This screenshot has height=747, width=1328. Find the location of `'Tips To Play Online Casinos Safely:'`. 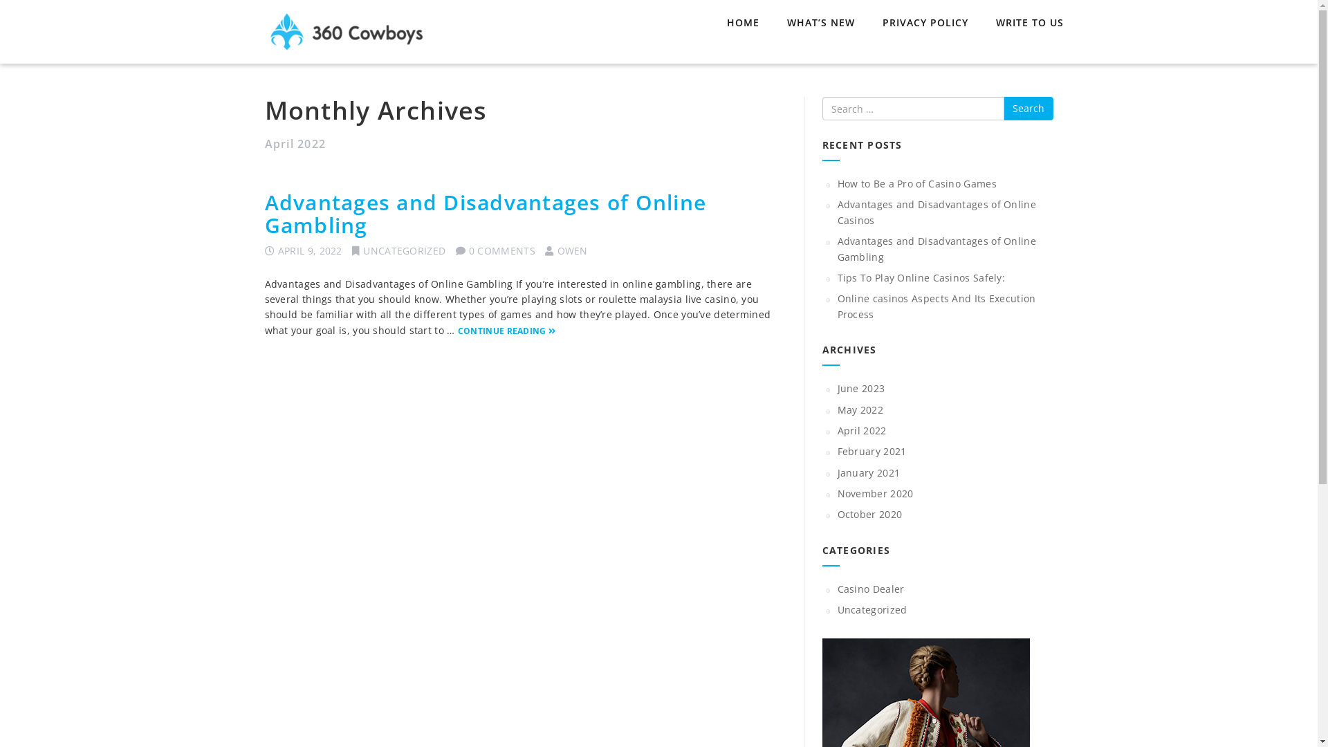

'Tips To Play Online Casinos Safely:' is located at coordinates (836, 277).